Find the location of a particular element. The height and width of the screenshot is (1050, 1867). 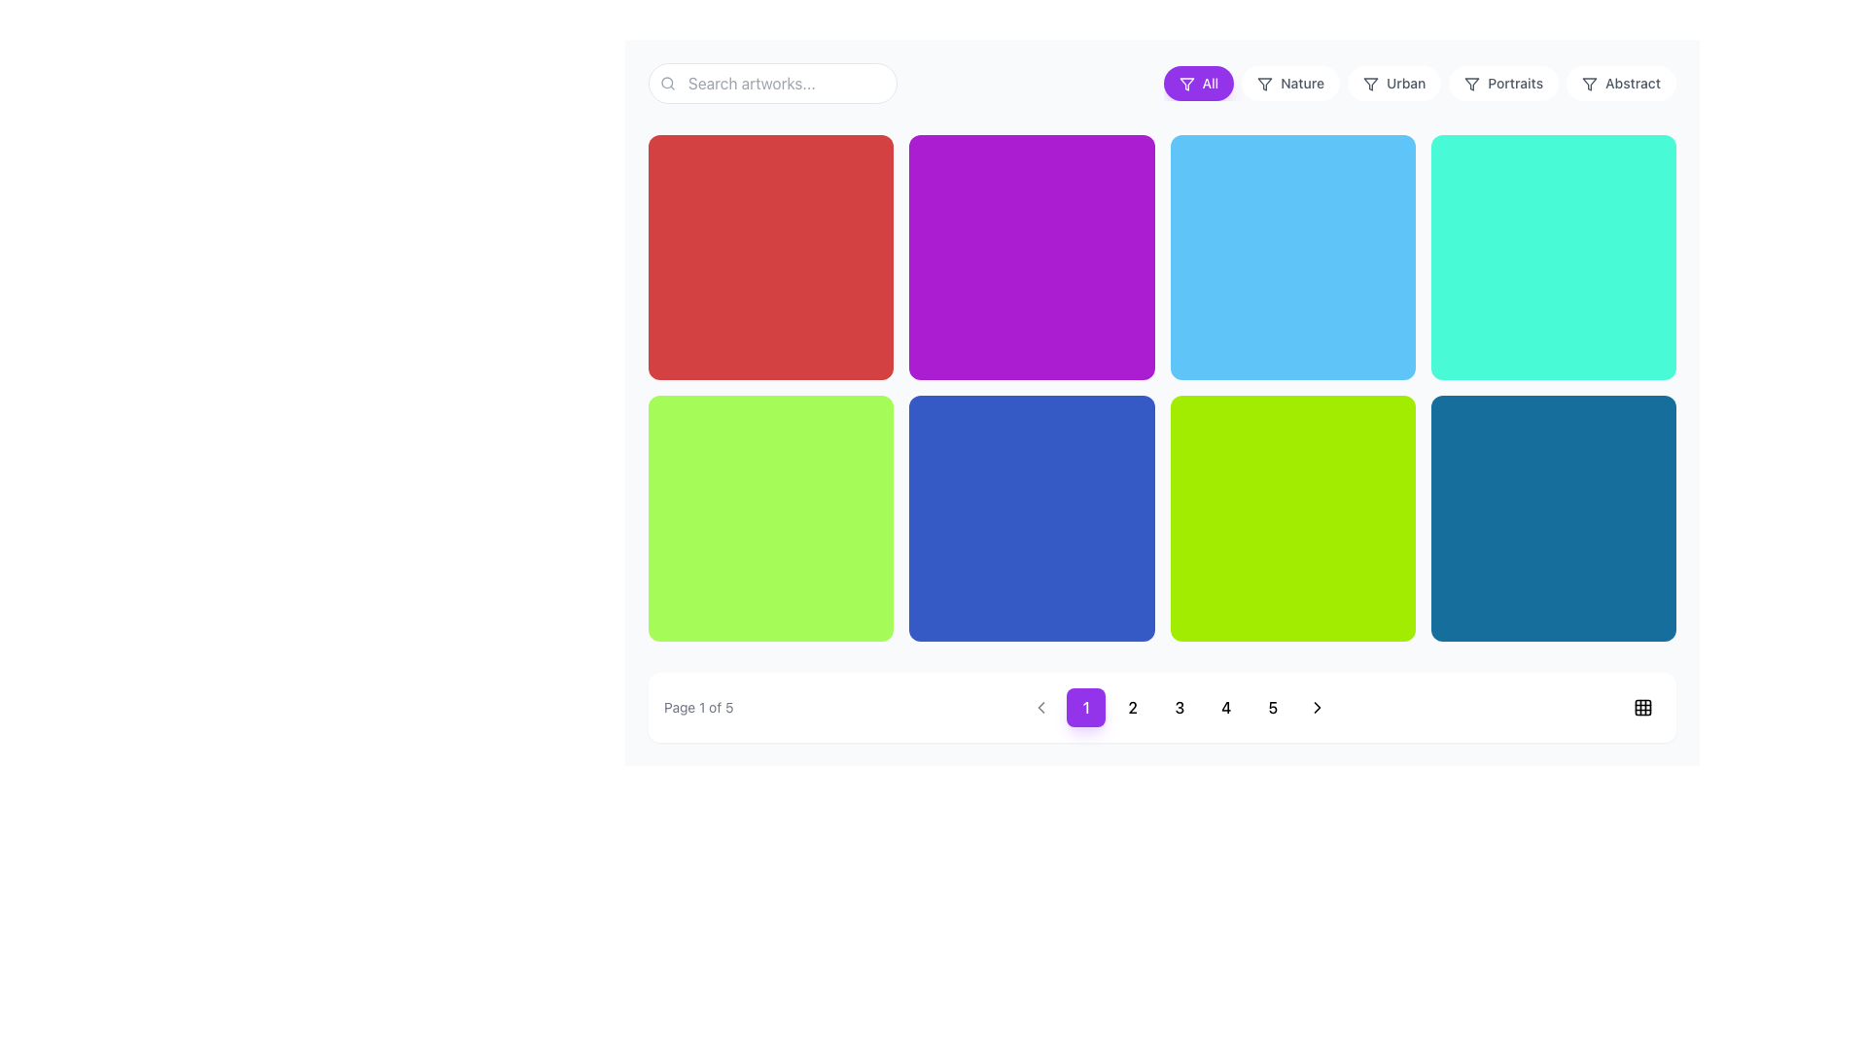

the Chevron icon button (left) is located at coordinates (1040, 707).